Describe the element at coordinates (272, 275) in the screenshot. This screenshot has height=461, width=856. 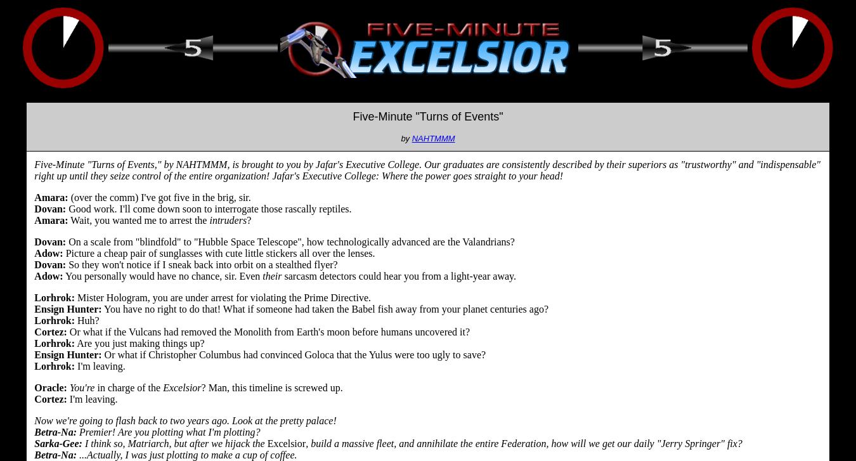
I see `'their'` at that location.